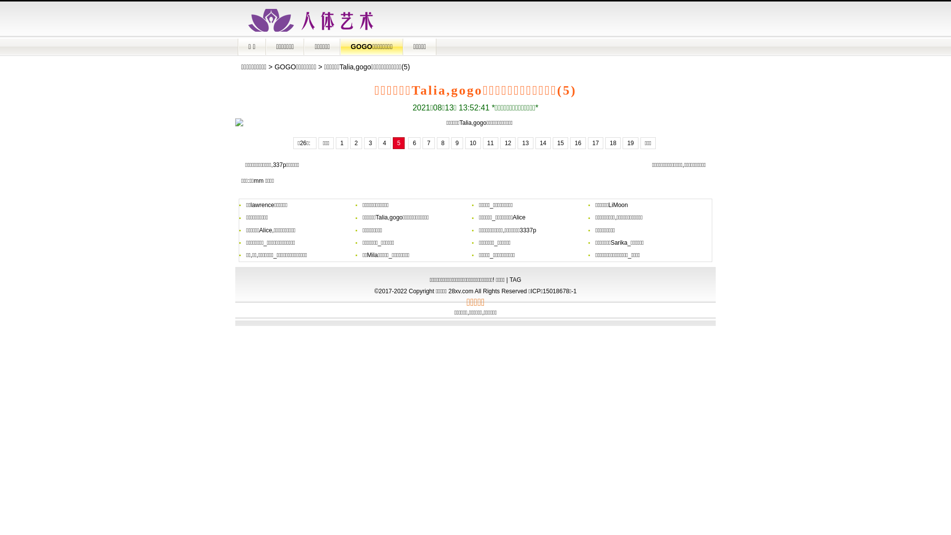 The image size is (951, 535). What do you see at coordinates (472, 143) in the screenshot?
I see `'10'` at bounding box center [472, 143].